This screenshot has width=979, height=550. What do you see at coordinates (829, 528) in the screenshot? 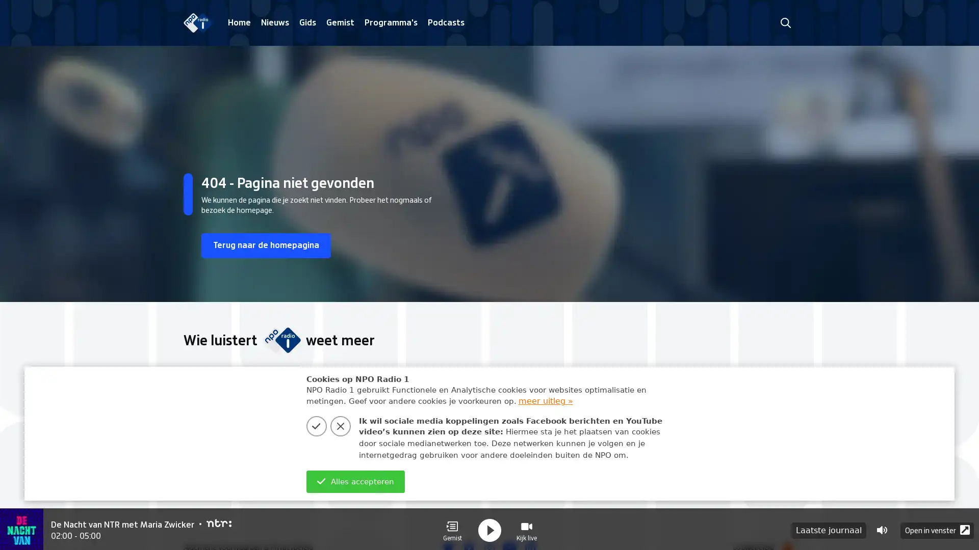
I see `Laatste journaal` at bounding box center [829, 528].